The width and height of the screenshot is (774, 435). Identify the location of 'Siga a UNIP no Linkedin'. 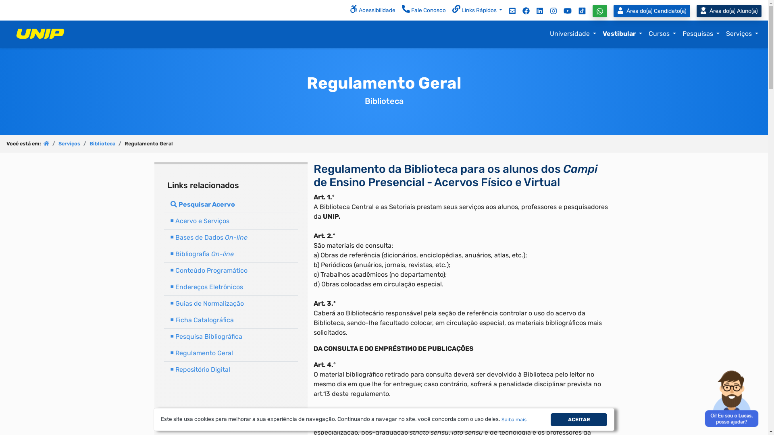
(540, 10).